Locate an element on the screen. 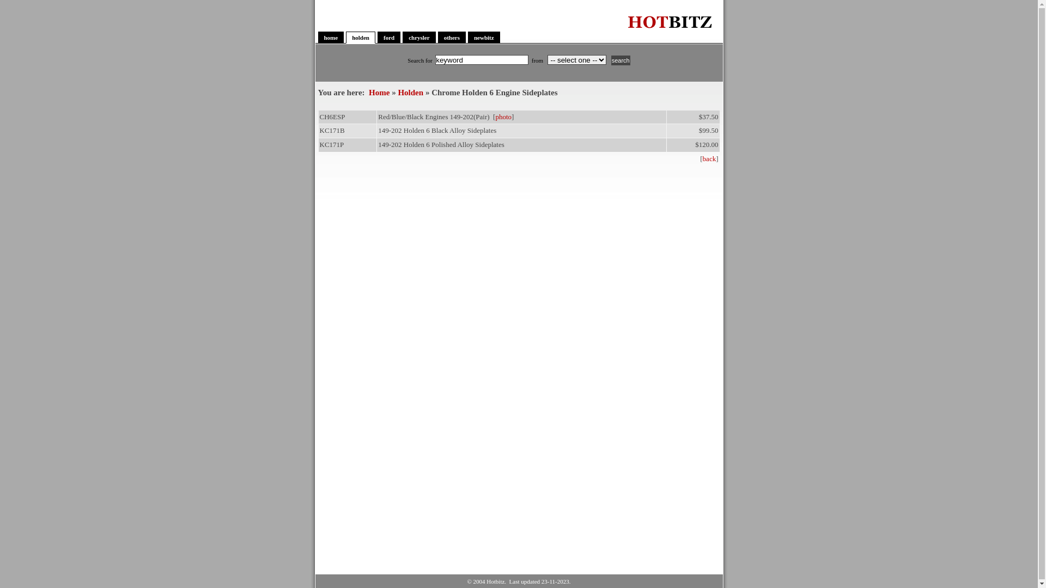 The width and height of the screenshot is (1046, 588). 'Holden' is located at coordinates (397, 91).